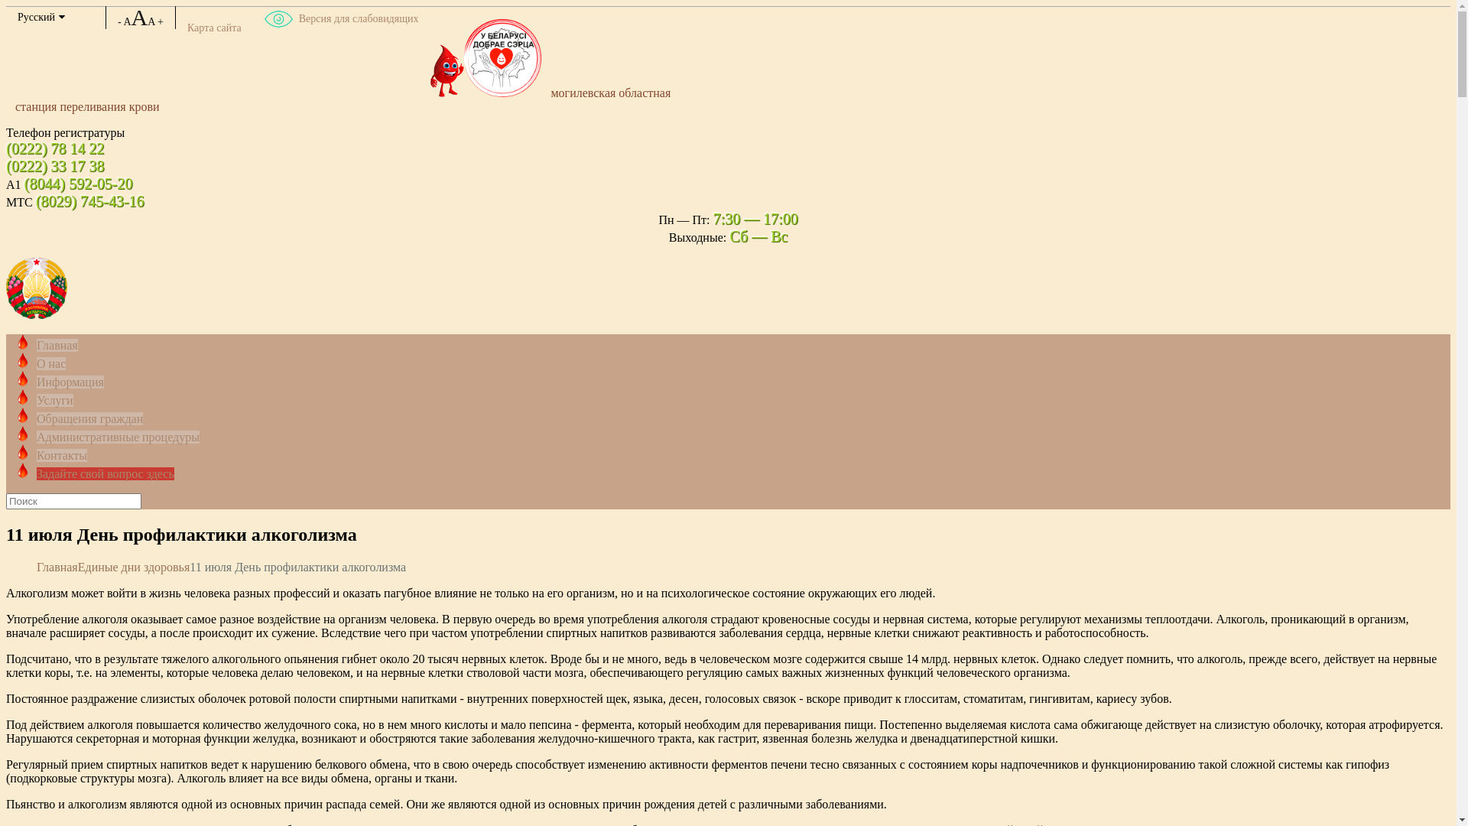  Describe the element at coordinates (138, 21) in the screenshot. I see `'AAA'` at that location.